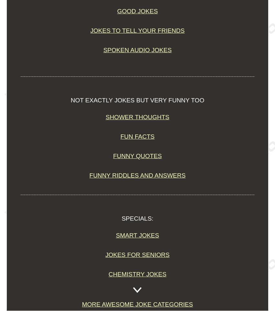 The height and width of the screenshot is (311, 275). What do you see at coordinates (137, 235) in the screenshot?
I see `'Smart Jokes'` at bounding box center [137, 235].